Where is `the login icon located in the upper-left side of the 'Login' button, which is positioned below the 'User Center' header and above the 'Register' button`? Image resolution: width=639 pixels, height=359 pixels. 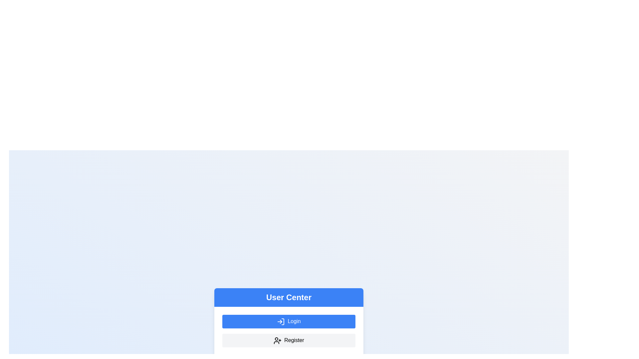
the login icon located in the upper-left side of the 'Login' button, which is positioned below the 'User Center' header and above the 'Register' button is located at coordinates (281, 321).